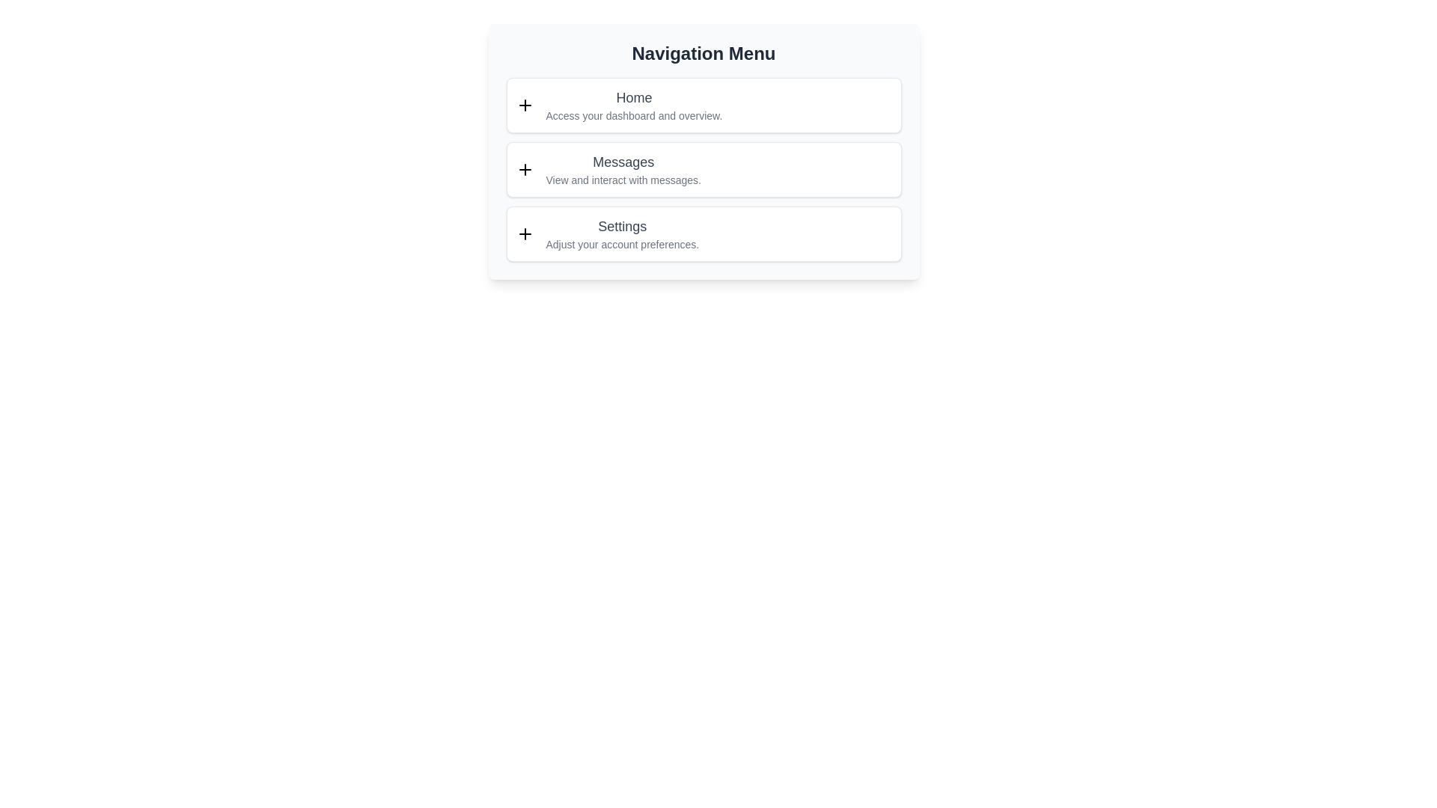 The image size is (1437, 808). What do you see at coordinates (634, 105) in the screenshot?
I see `the 'Home' text label in the navigation card, which is the first element in the vertical list within the 'Navigation Menu'` at bounding box center [634, 105].